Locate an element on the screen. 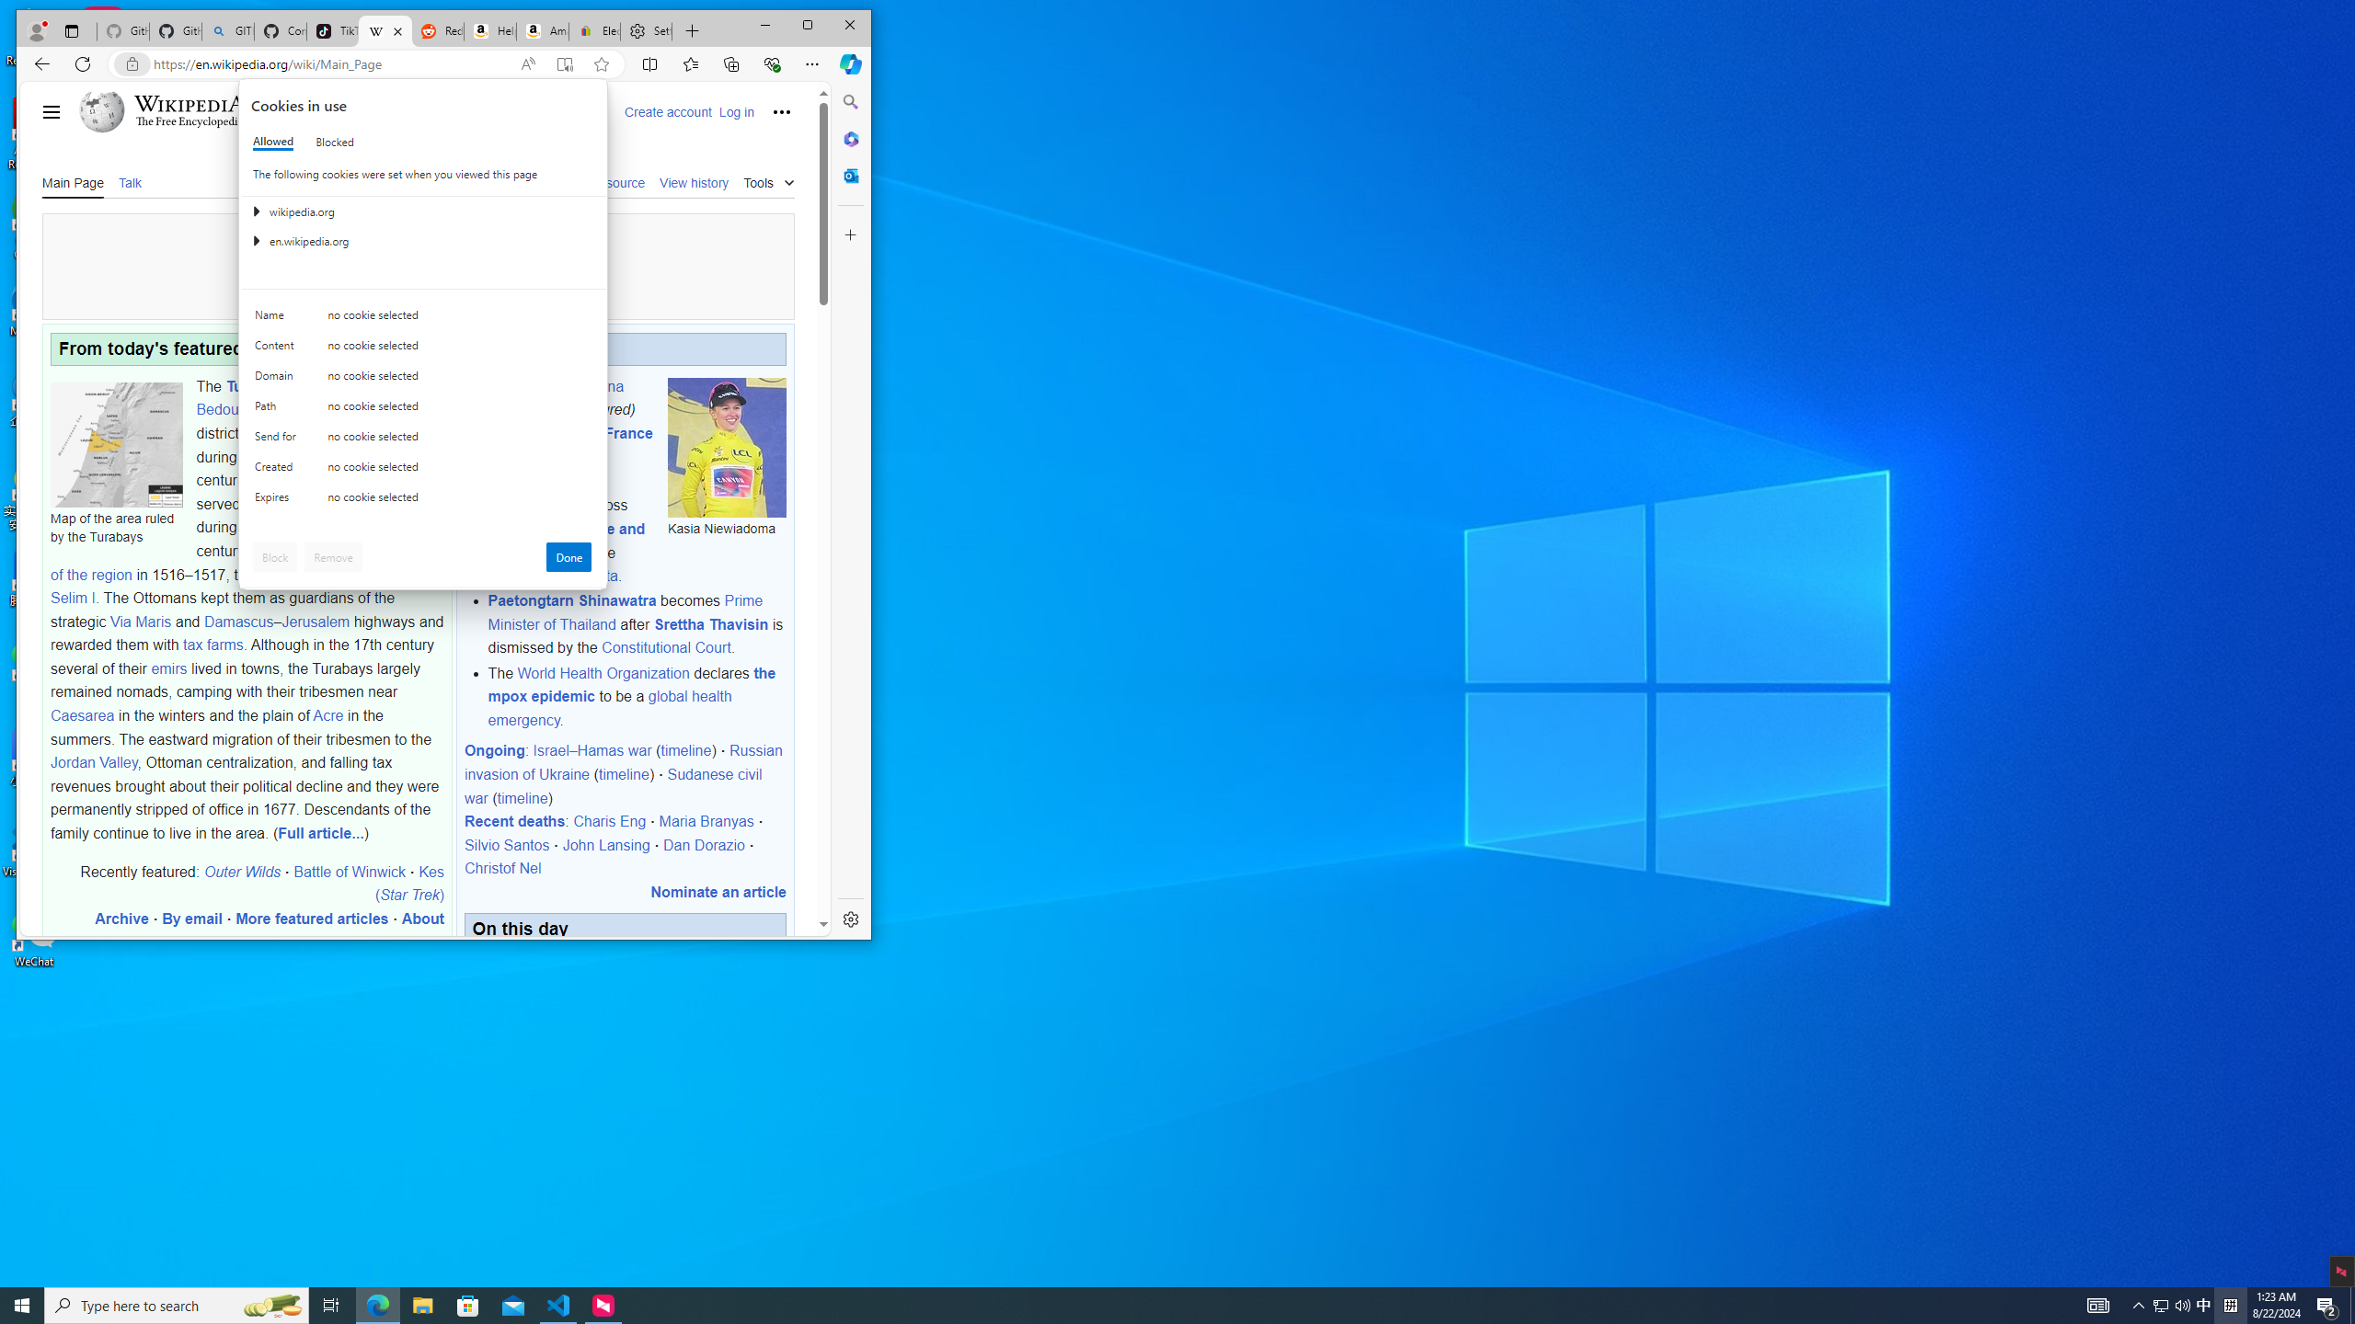 The image size is (2355, 1324). 'File Explorer' is located at coordinates (421, 1304).